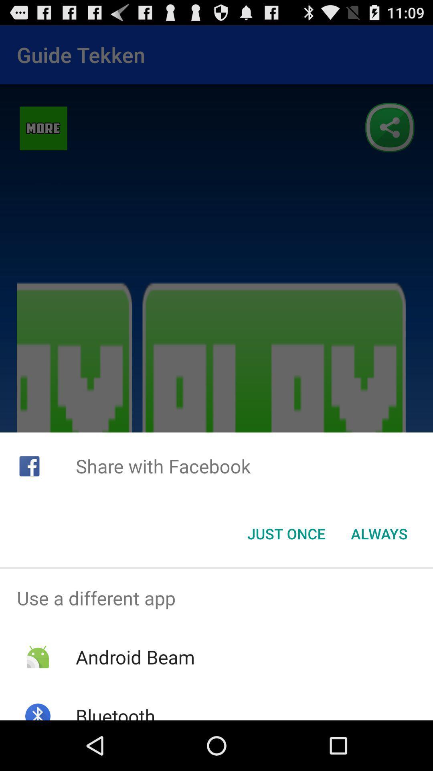 The image size is (433, 771). What do you see at coordinates (286, 534) in the screenshot?
I see `just once` at bounding box center [286, 534].